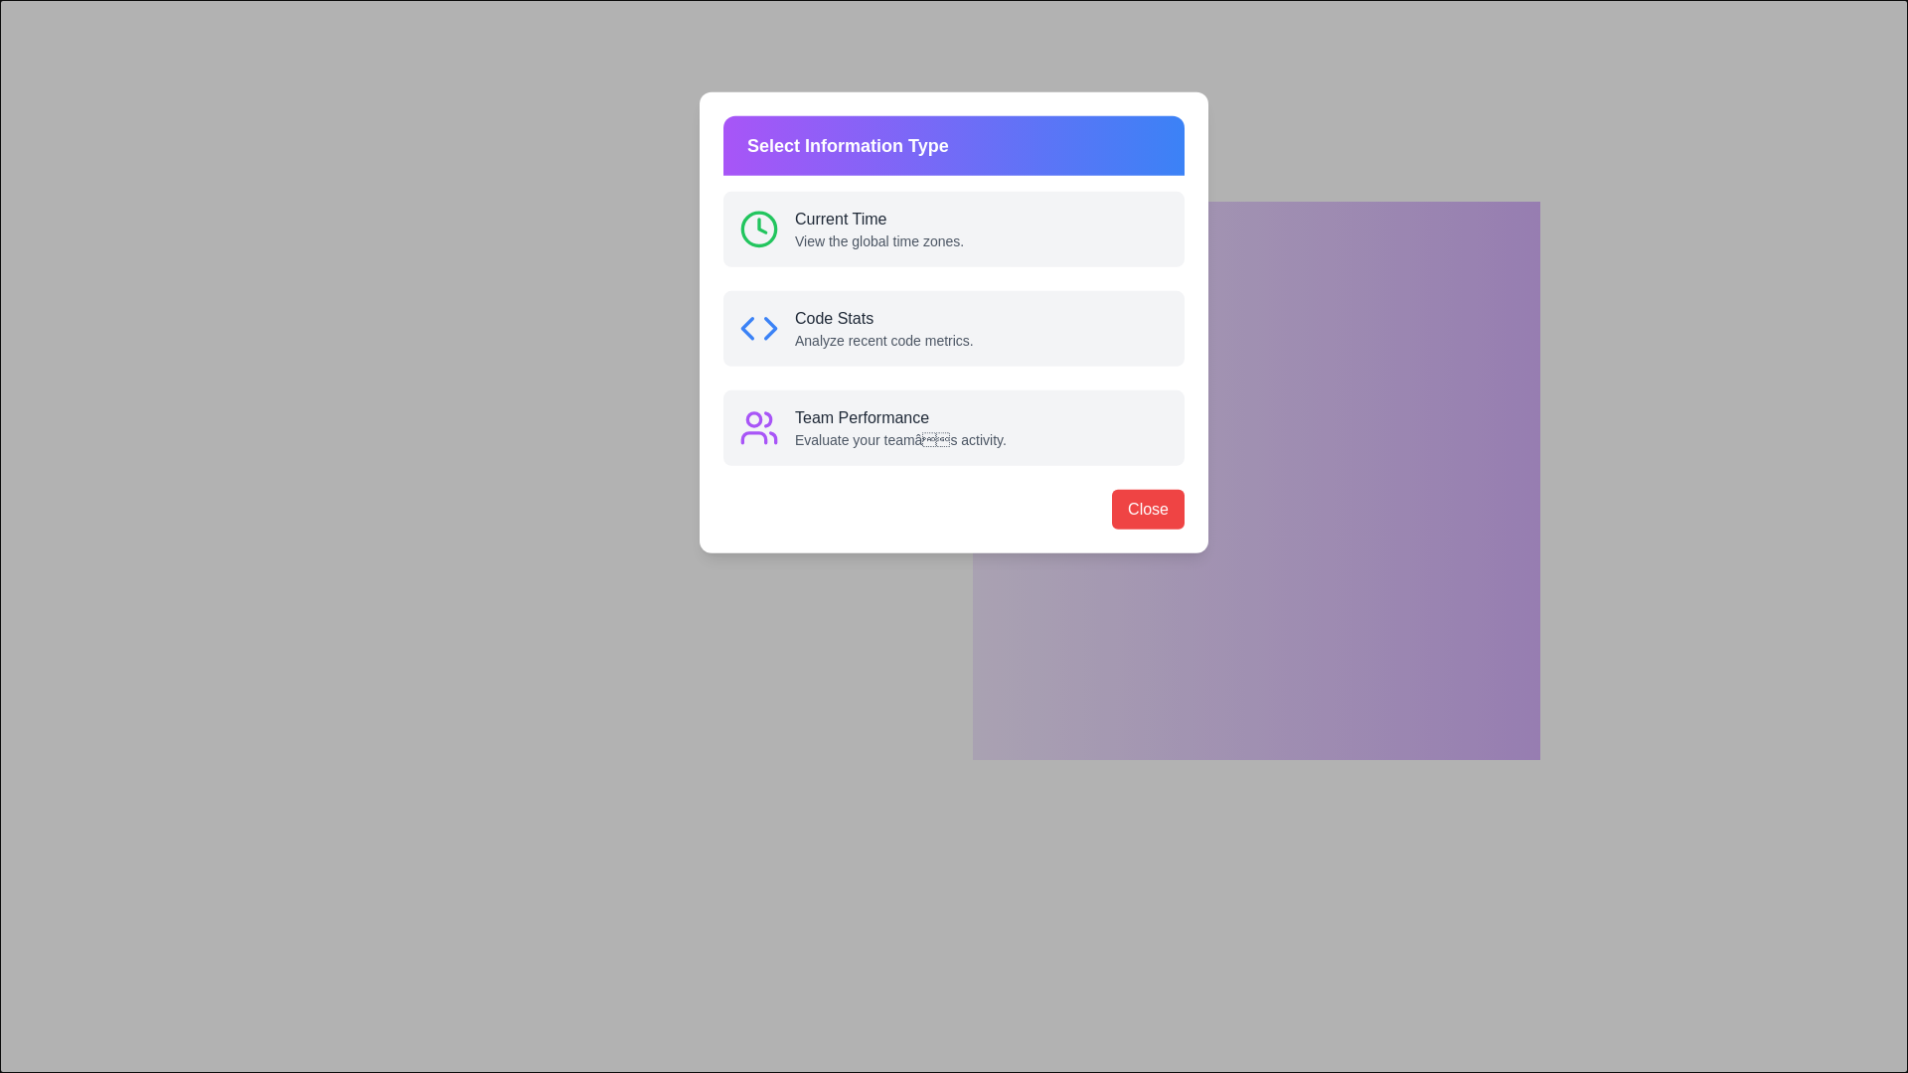  What do you see at coordinates (993, 447) in the screenshot?
I see `the icon of Team Performance information type` at bounding box center [993, 447].